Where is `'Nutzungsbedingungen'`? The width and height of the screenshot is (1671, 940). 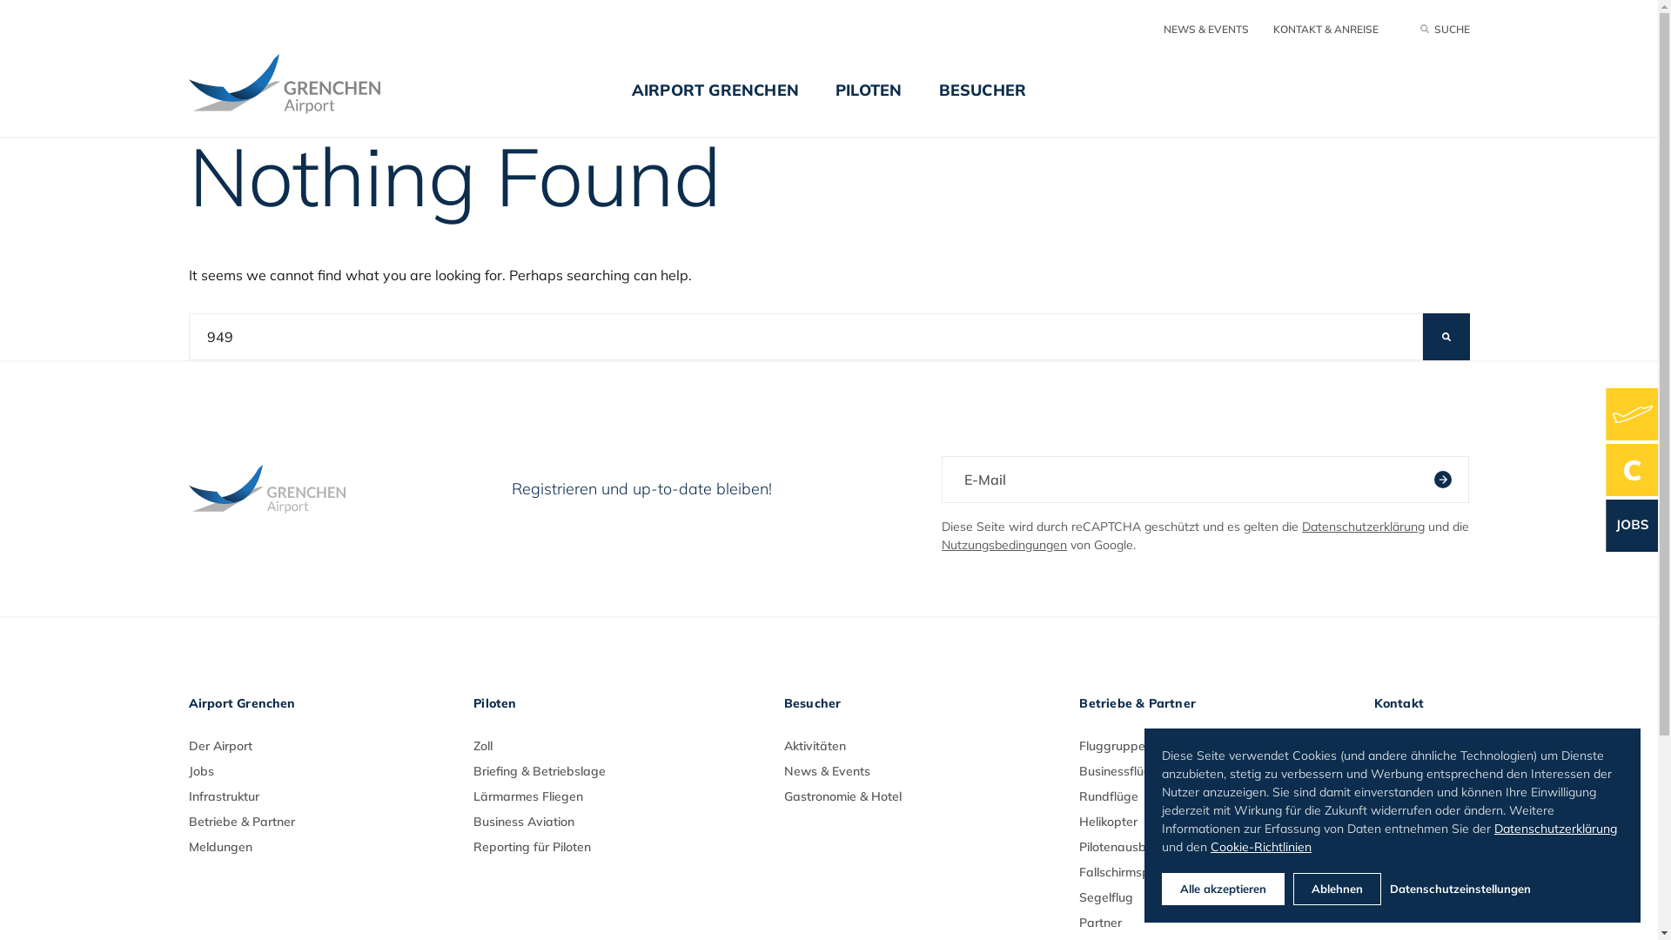 'Nutzungsbedingungen' is located at coordinates (940, 543).